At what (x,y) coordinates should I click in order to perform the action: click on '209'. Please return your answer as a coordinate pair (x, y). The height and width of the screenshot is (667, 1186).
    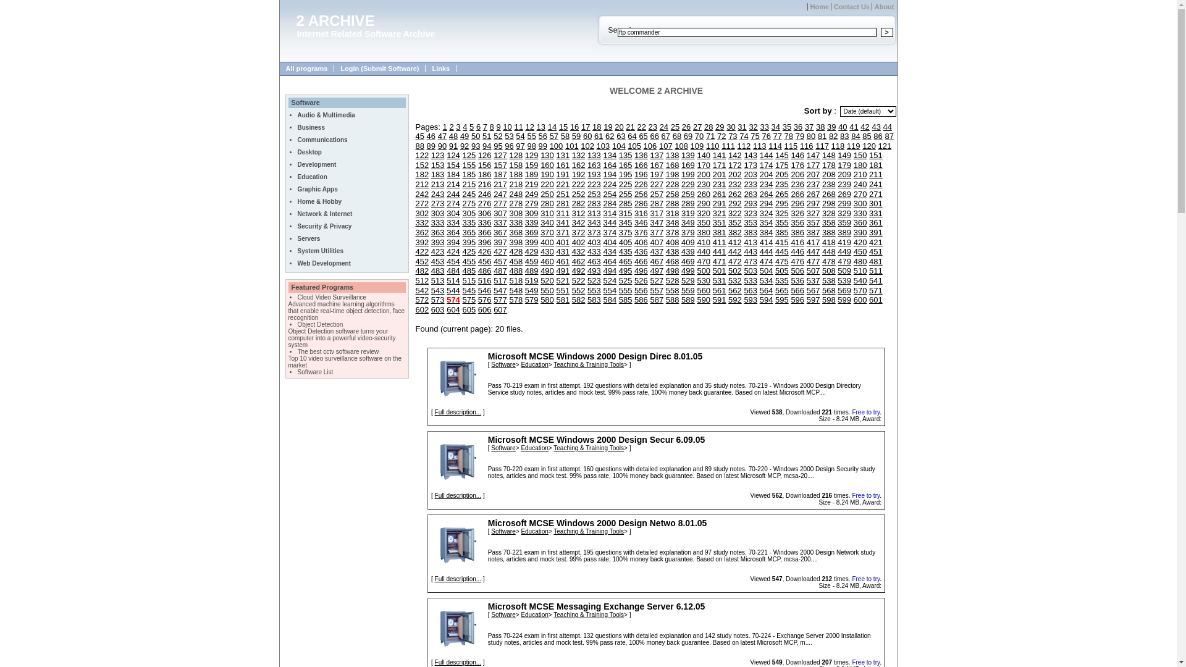
    Looking at the image, I should click on (844, 174).